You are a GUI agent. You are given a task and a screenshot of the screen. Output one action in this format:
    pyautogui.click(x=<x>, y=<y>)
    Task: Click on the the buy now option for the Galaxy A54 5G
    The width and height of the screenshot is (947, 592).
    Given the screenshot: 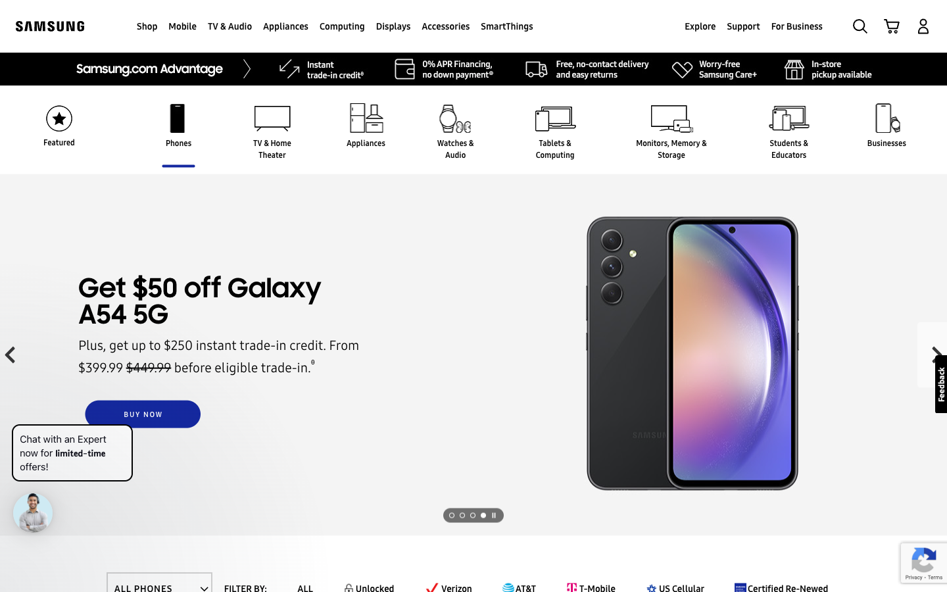 What is the action you would take?
    pyautogui.click(x=143, y=414)
    